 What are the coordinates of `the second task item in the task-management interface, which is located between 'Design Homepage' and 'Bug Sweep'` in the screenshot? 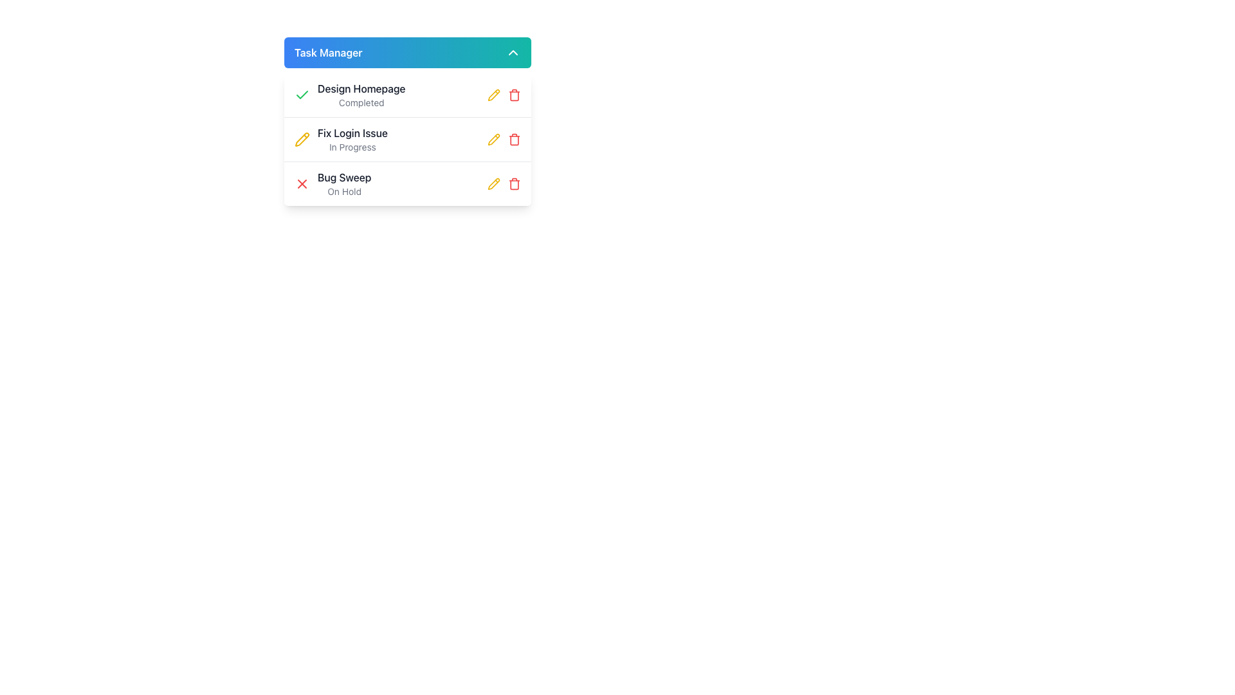 It's located at (341, 139).